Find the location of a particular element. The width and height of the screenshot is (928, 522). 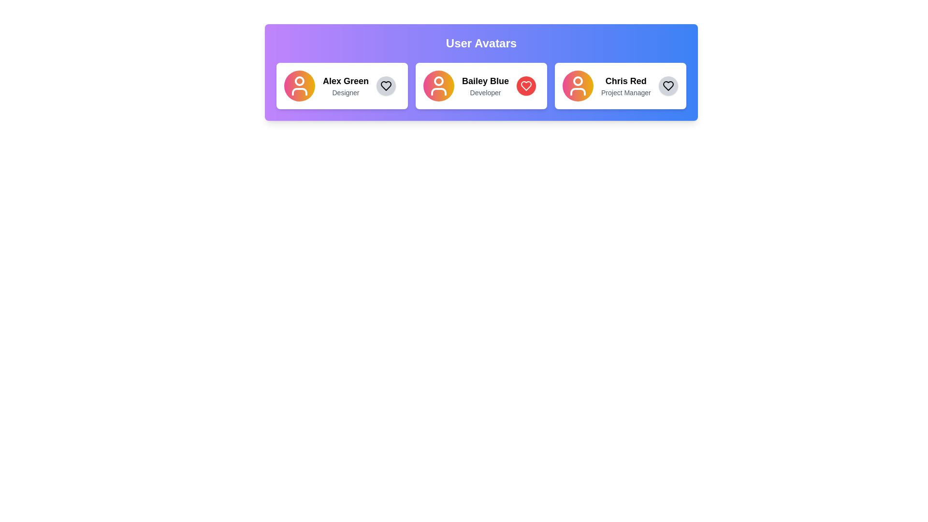

the circular red button with a white heart icon, located at the top-right corner of the card for user 'Bailey Blue,' is located at coordinates (526, 85).